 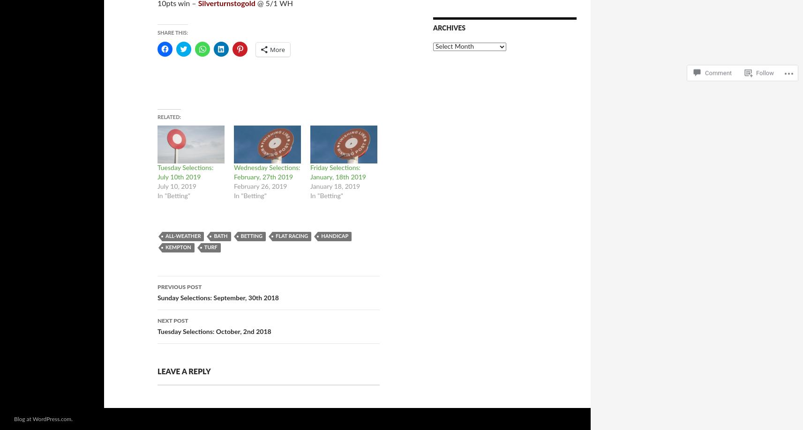 I want to click on 'Previous Post', so click(x=179, y=287).